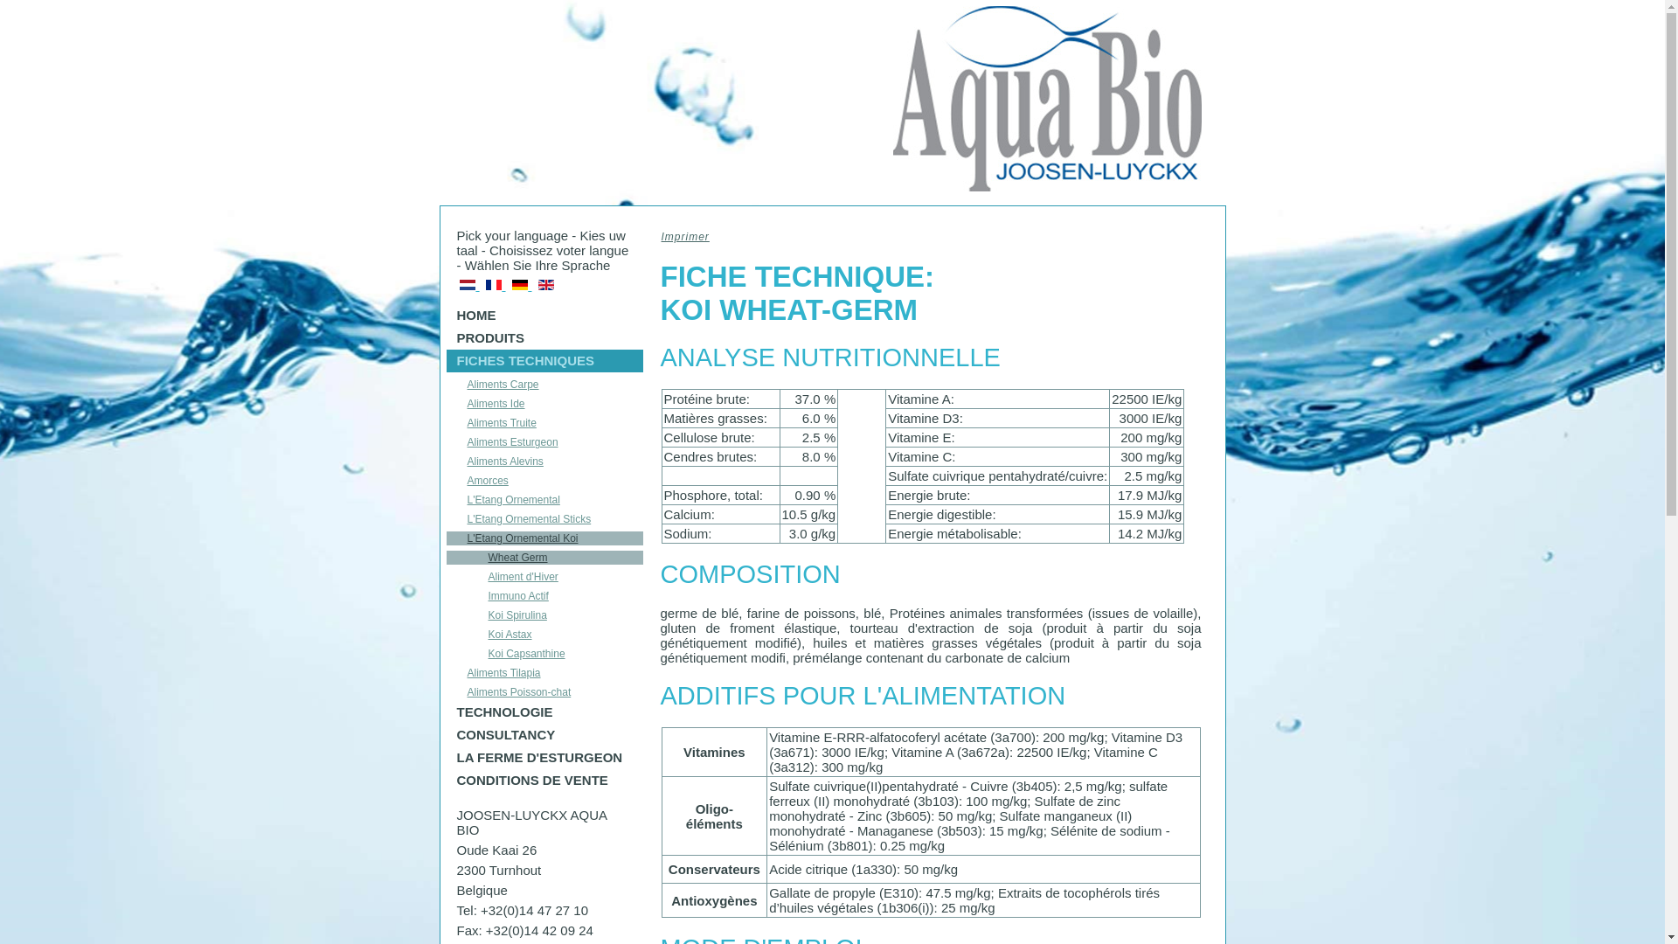 The height and width of the screenshot is (944, 1678). What do you see at coordinates (543, 780) in the screenshot?
I see `'CONDITIONS DE VENTE'` at bounding box center [543, 780].